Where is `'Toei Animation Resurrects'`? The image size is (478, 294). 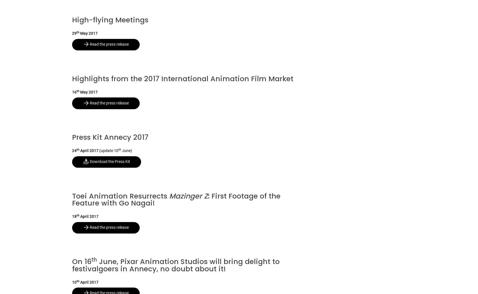 'Toei Animation Resurrects' is located at coordinates (120, 196).